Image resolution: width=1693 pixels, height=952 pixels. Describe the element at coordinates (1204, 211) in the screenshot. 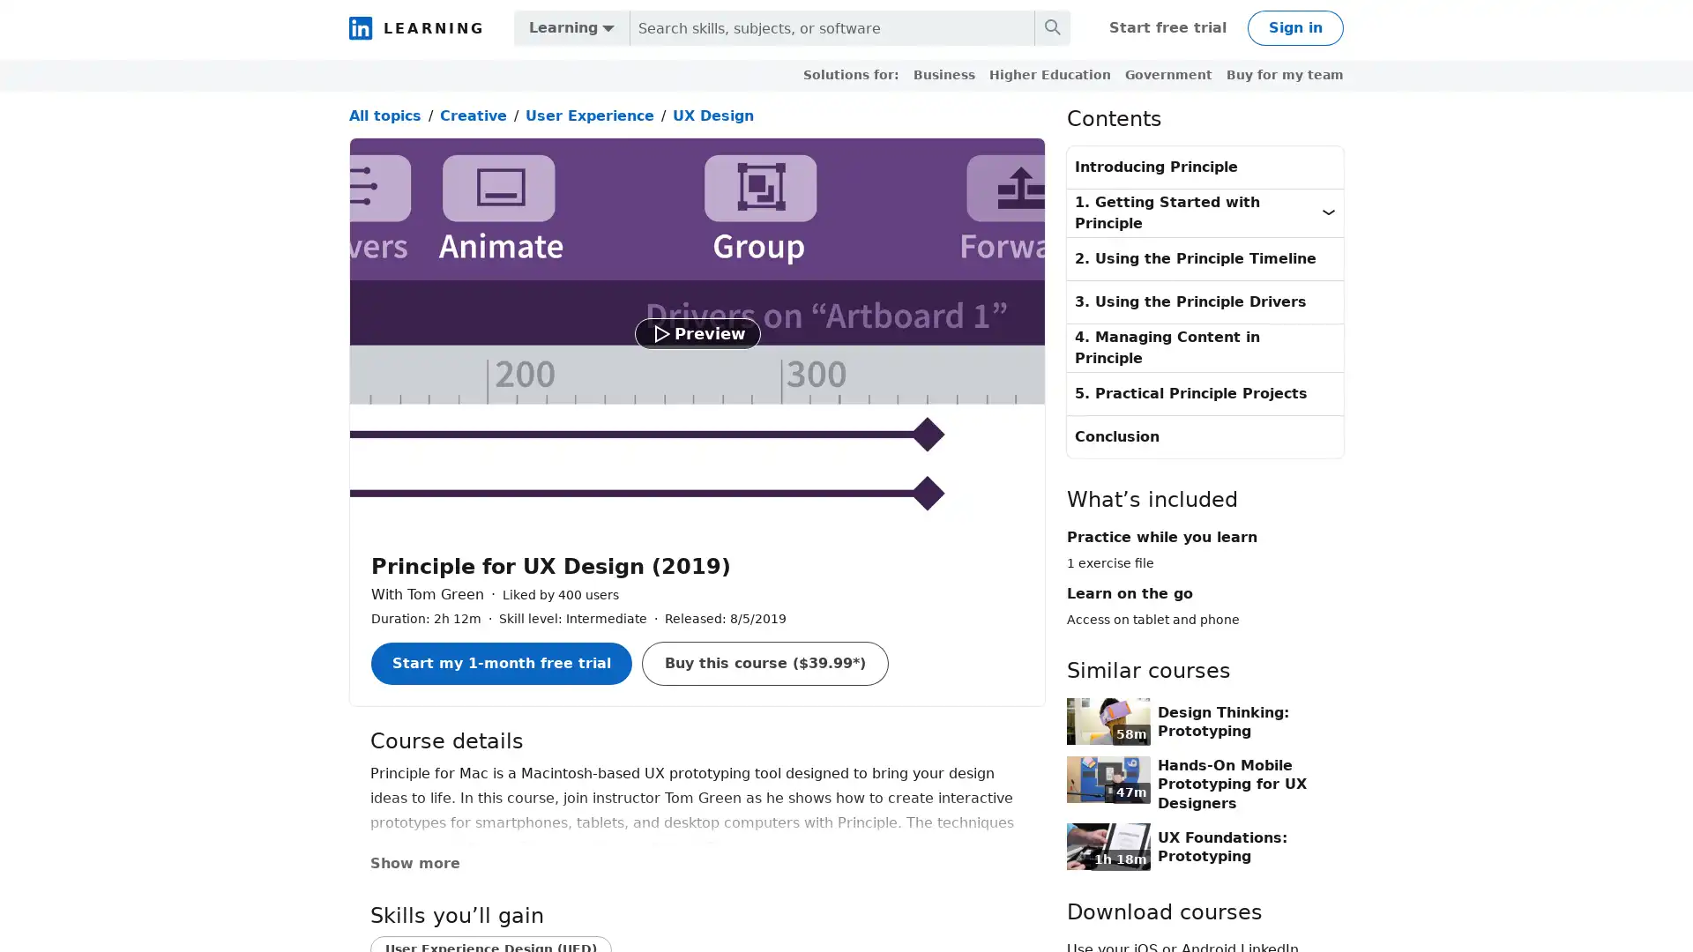

I see `1. Getting Started with Principle` at that location.